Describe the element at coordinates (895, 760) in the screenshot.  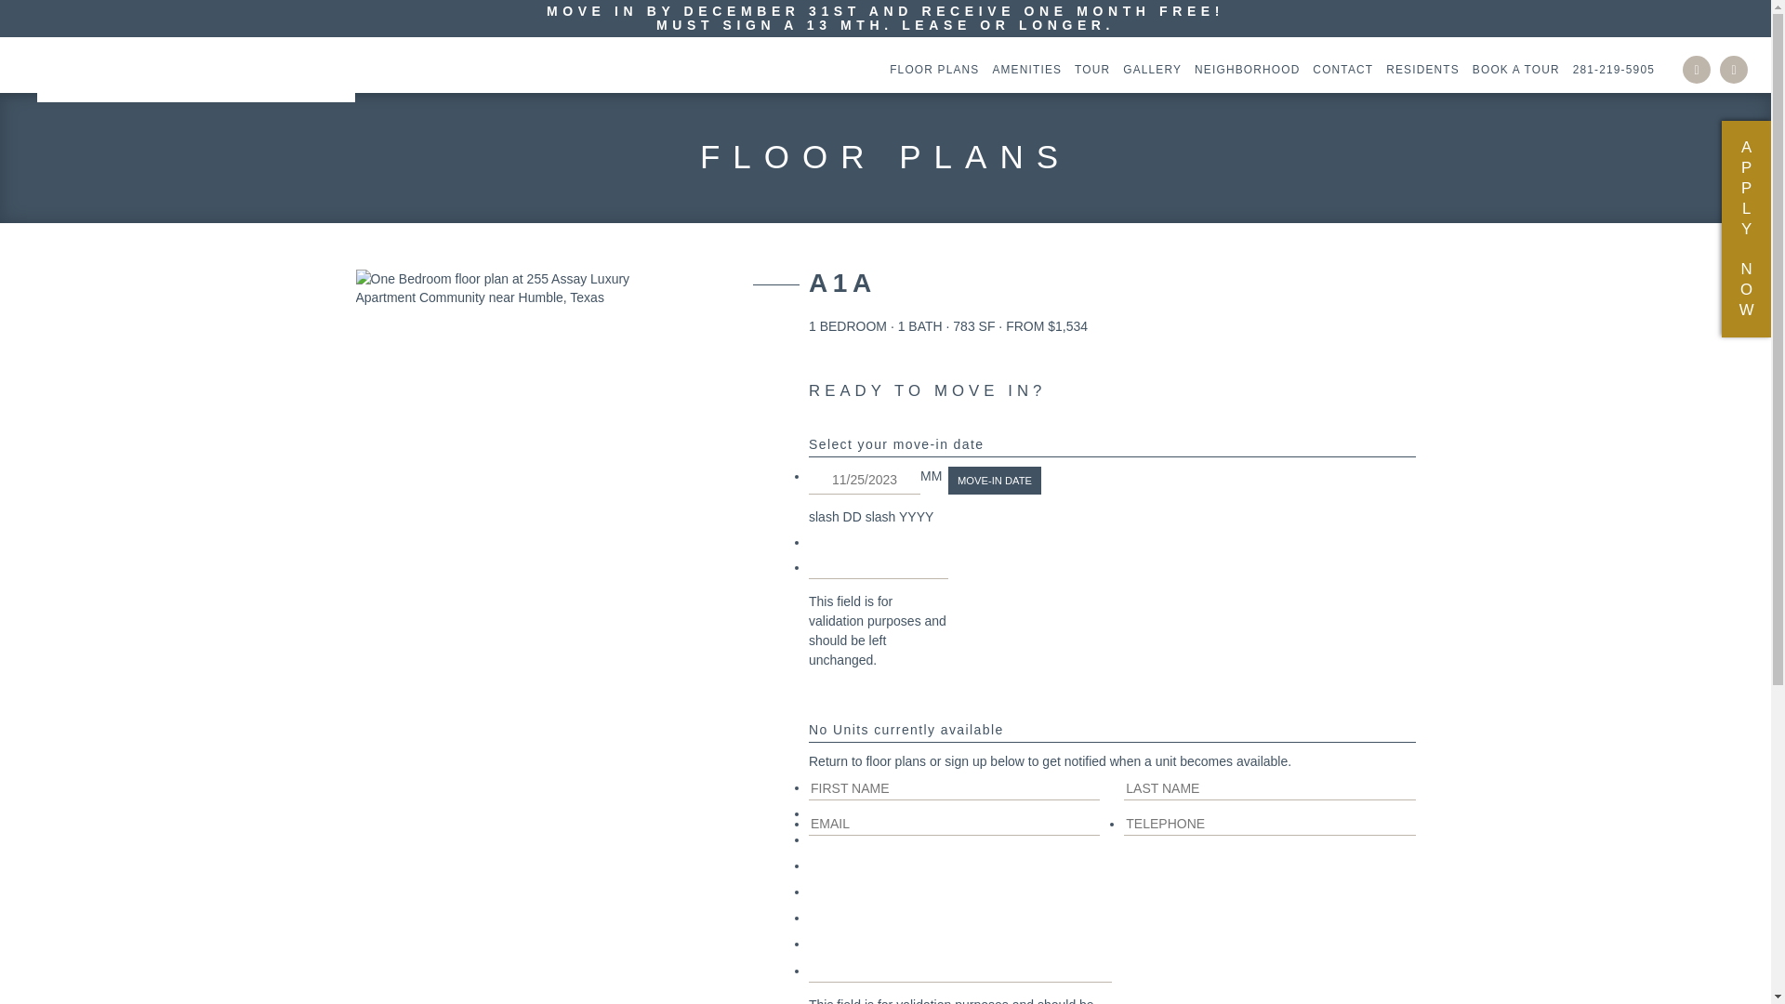
I see `'floor plans'` at that location.